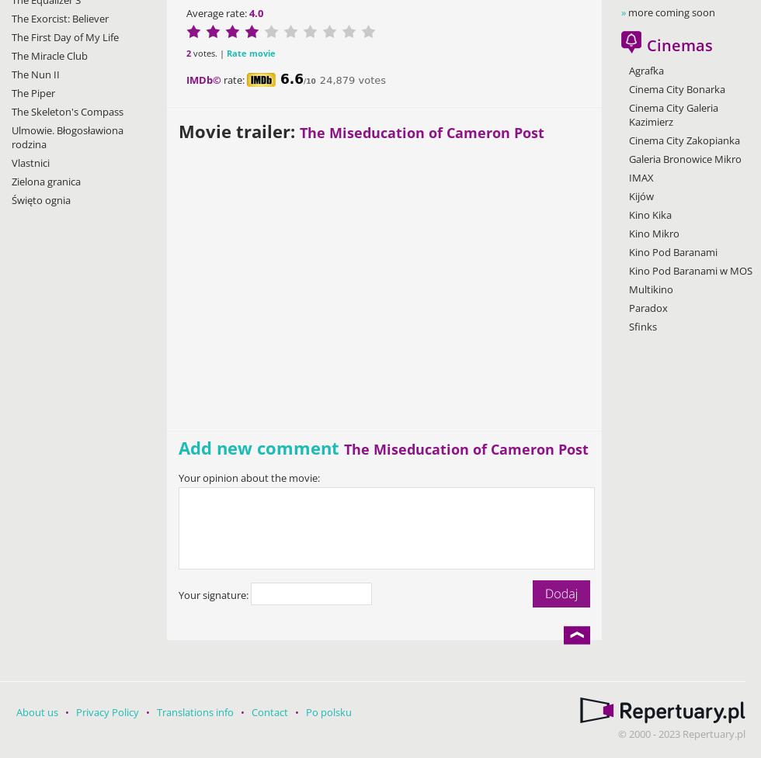  I want to click on 'more coming soon', so click(672, 12).